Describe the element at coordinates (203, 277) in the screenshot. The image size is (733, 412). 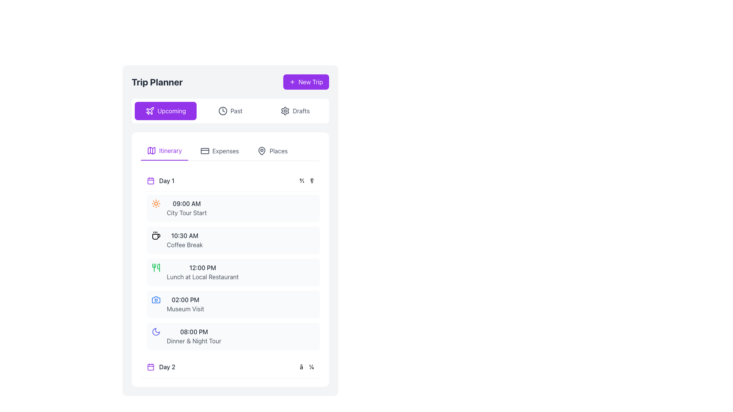
I see `the text label that displays the description for a scheduled event in the itinerary, located below '12:00 PM' in Day 1's schedule` at that location.